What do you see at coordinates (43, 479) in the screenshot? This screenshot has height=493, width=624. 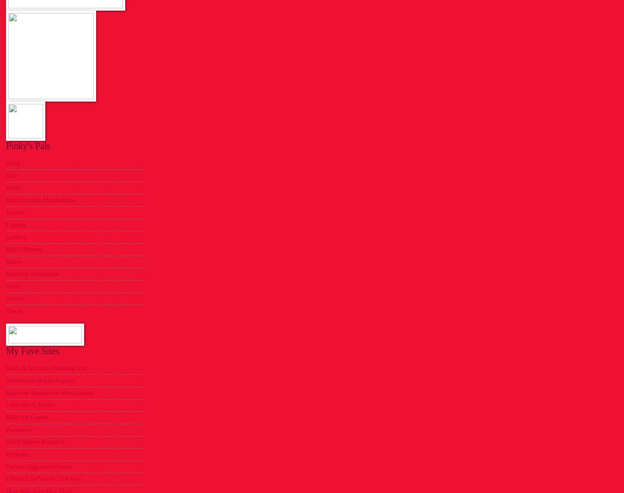 I see `'I Don't Like You In That Way'` at bounding box center [43, 479].